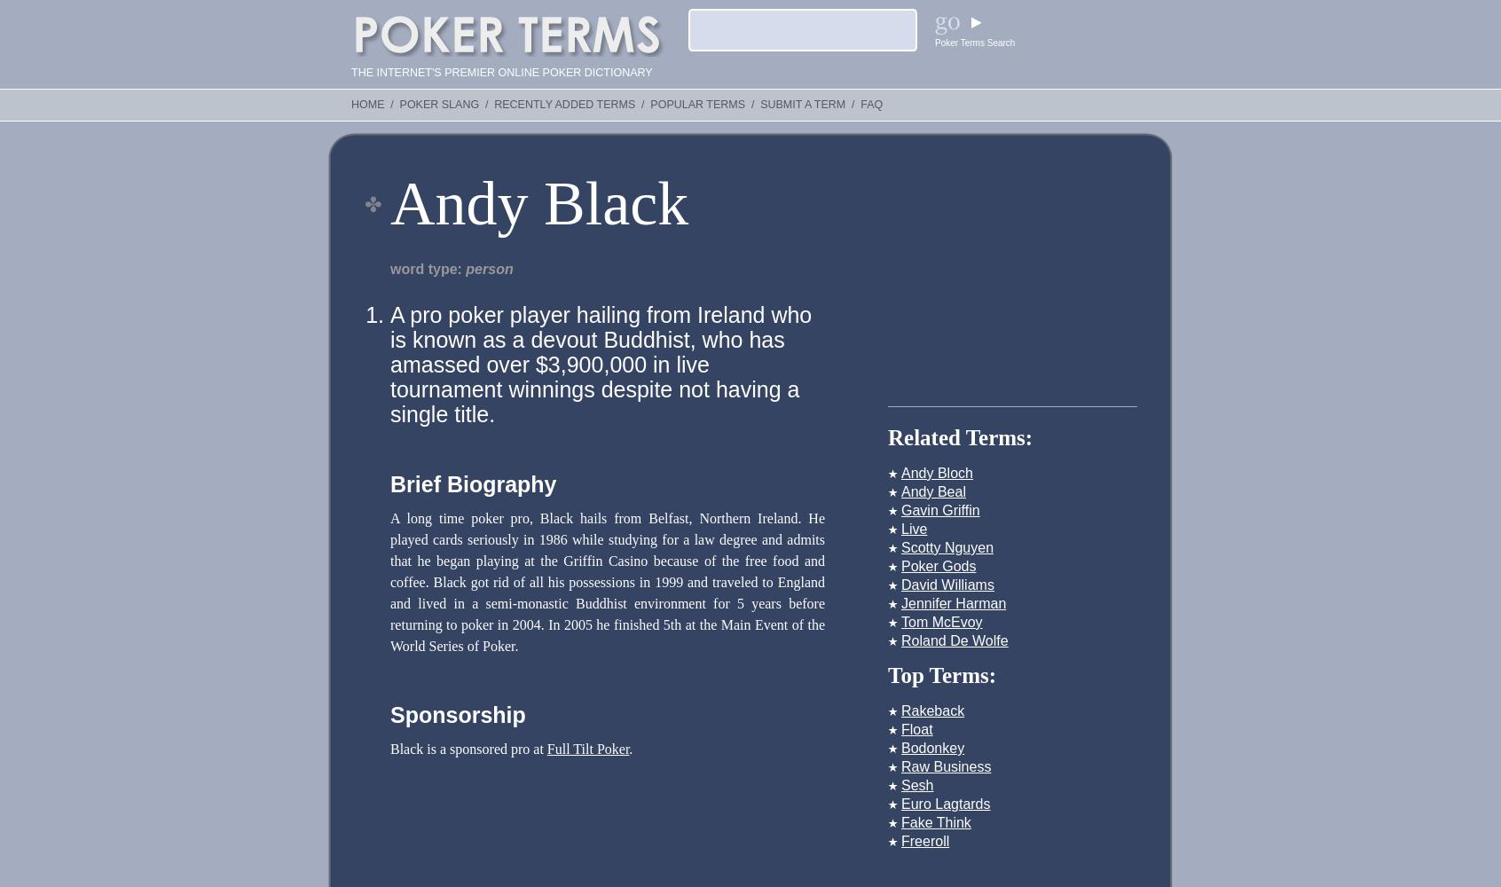  I want to click on 'RECENTLY ADDED TERMS', so click(564, 104).